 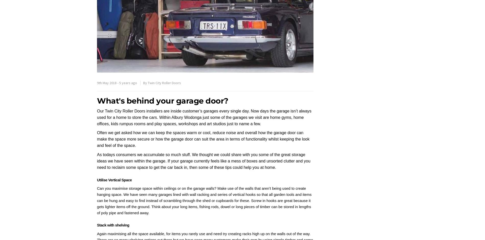 I want to click on 'As todays consumers we accumulate so much stuff. We thought we could share with you some of the great storage ideas we have seen within the garage. If your garage currently feels like a mess of boxes and unsorted clutter and you need to reclaim some space to get the car back in, then some of these tips could help you at home.', so click(x=203, y=161).